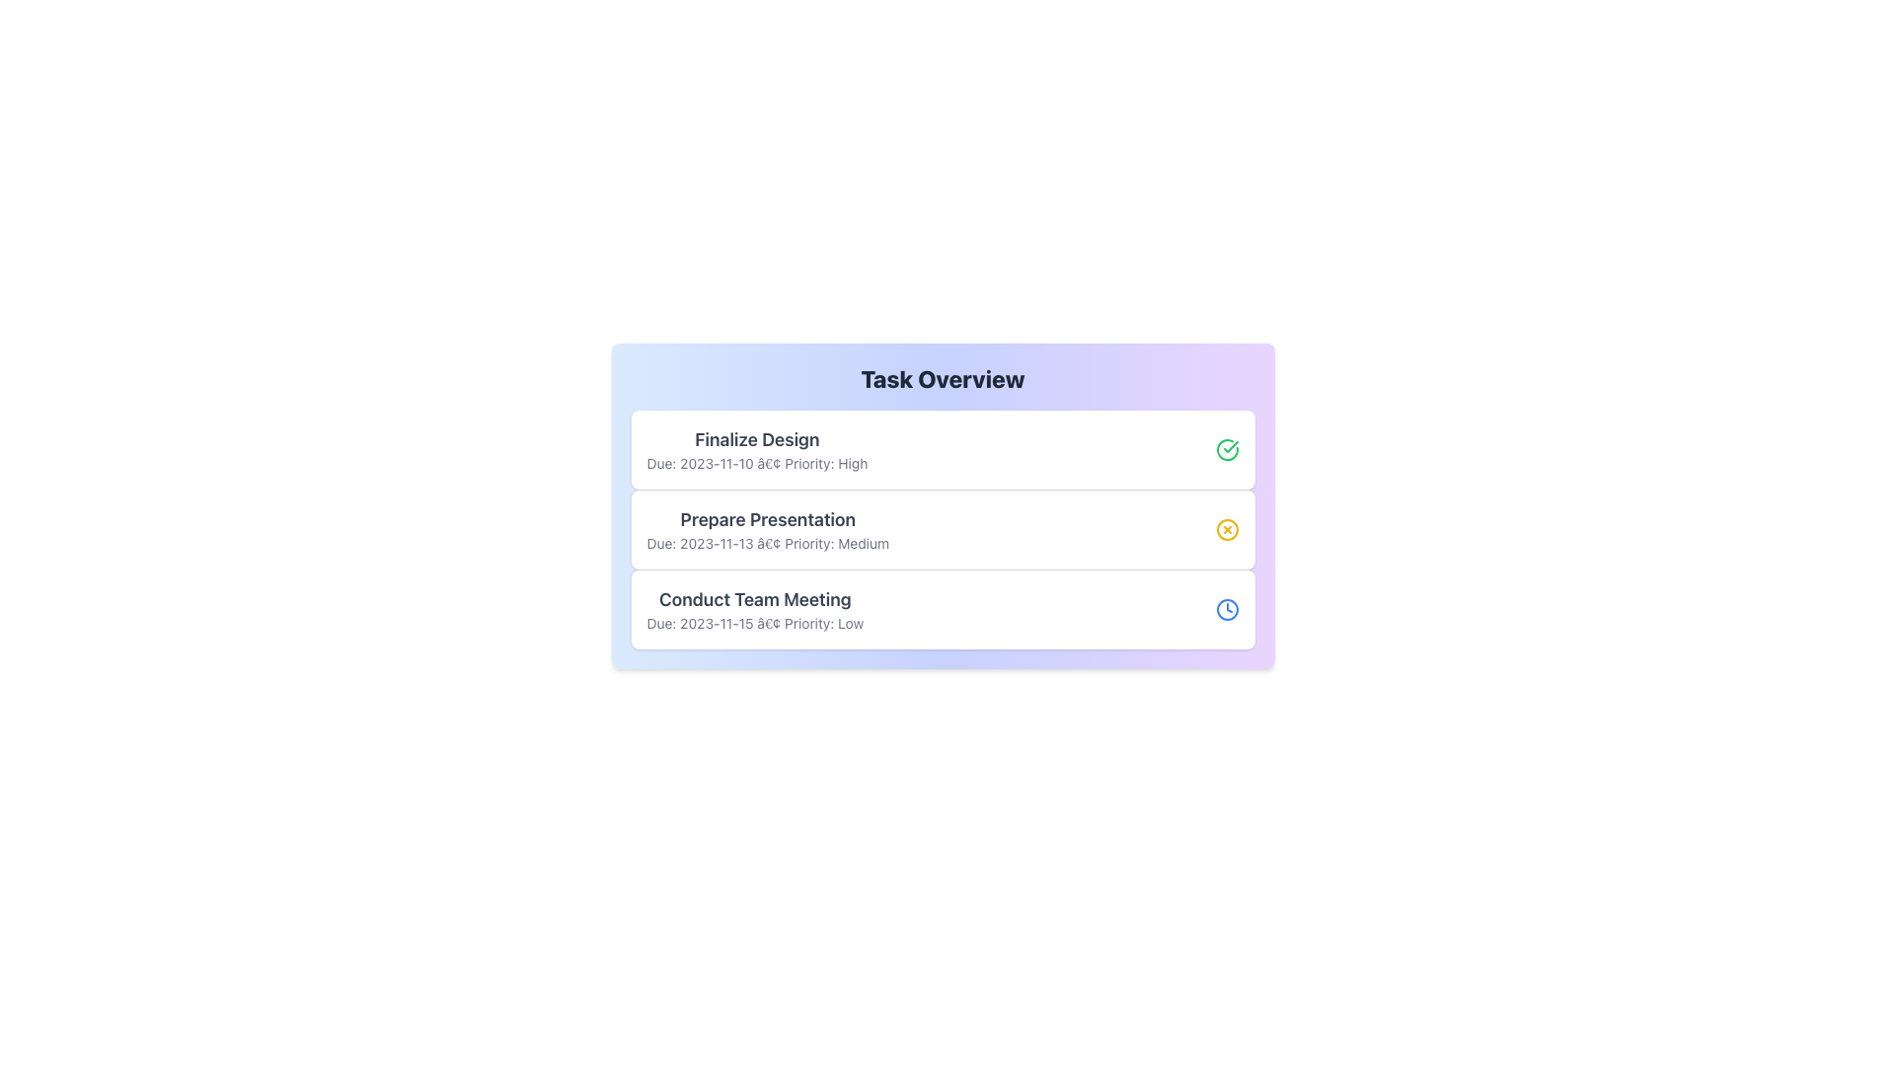 This screenshot has height=1066, width=1895. I want to click on the task list item located in the second row under 'Task Overview', positioned between 'Finalize Design' and 'Conduct Team Meeting', so click(942, 528).